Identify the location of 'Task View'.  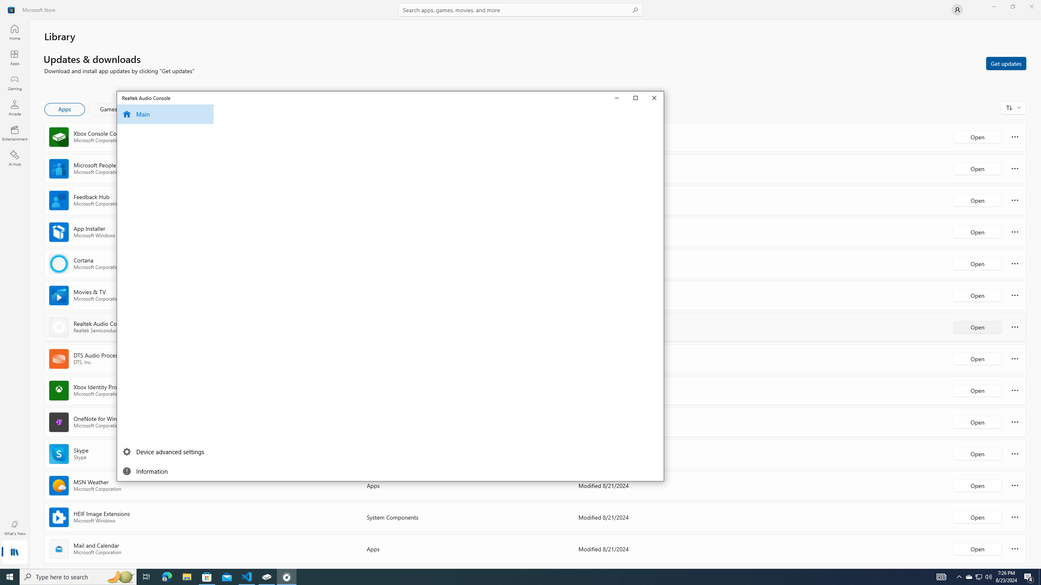
(146, 576).